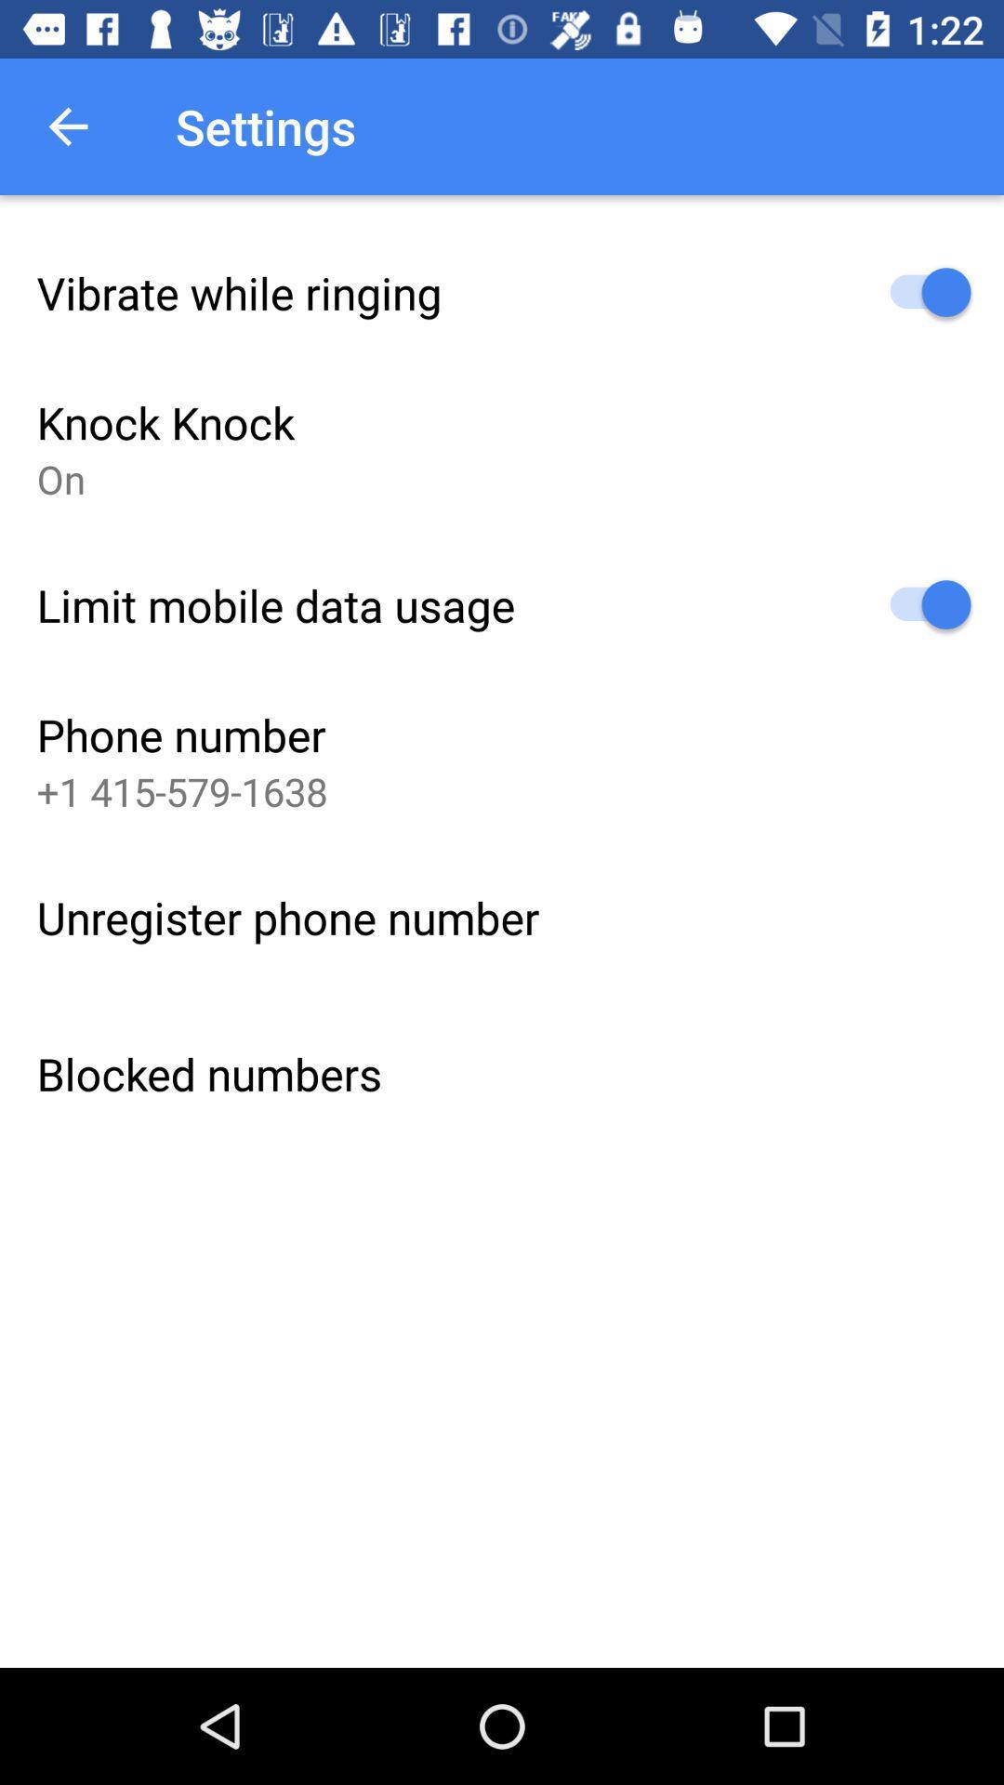 The height and width of the screenshot is (1785, 1004). Describe the element at coordinates (276, 605) in the screenshot. I see `the limit mobile data` at that location.